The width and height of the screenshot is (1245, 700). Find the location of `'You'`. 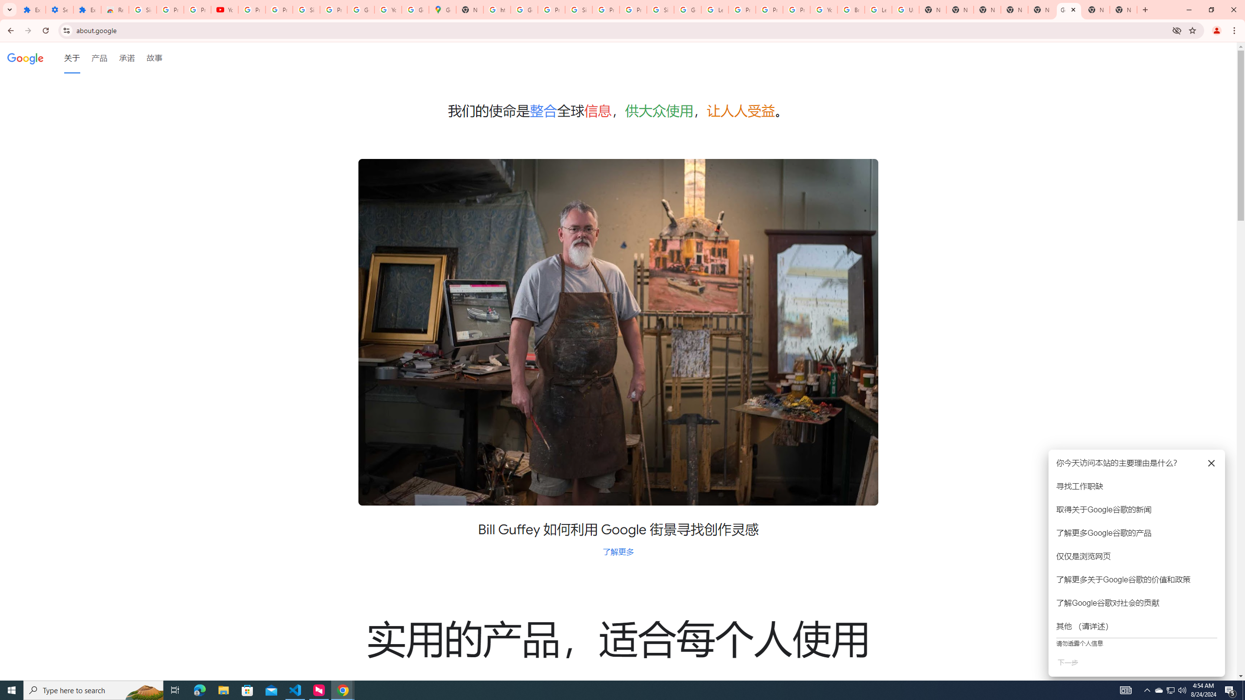

'You' is located at coordinates (1217, 30).